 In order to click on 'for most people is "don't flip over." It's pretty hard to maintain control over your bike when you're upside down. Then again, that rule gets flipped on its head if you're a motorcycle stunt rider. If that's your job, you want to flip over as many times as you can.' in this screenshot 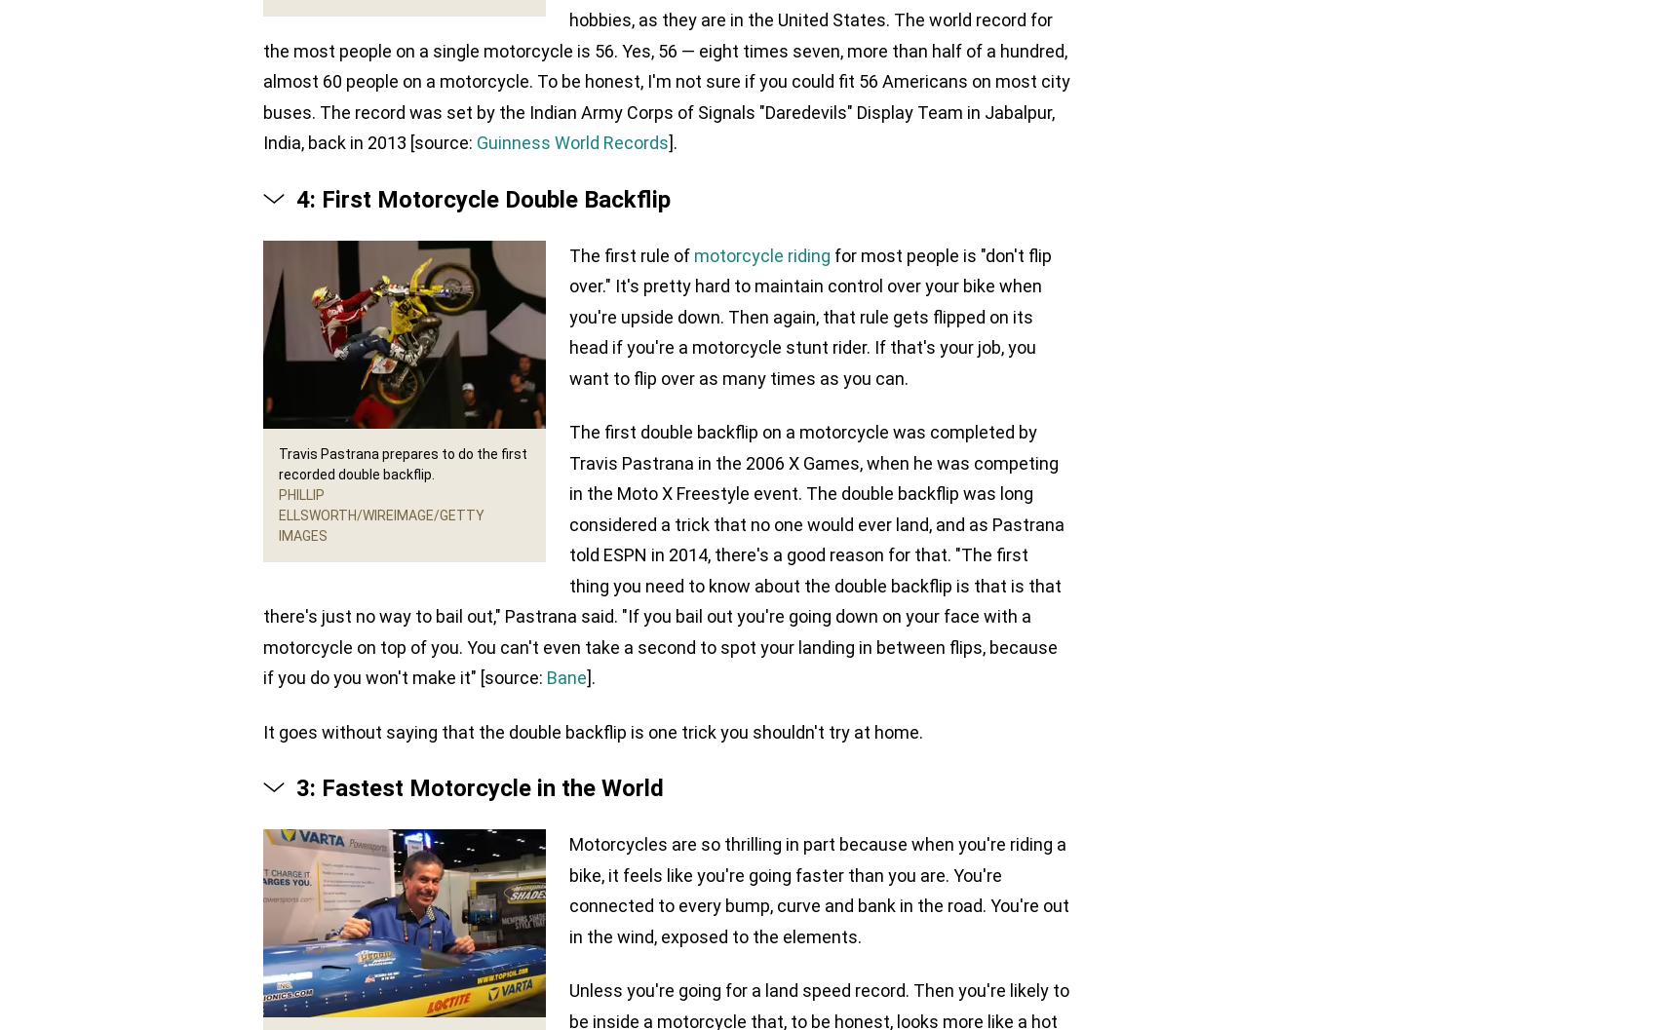, I will do `click(568, 316)`.